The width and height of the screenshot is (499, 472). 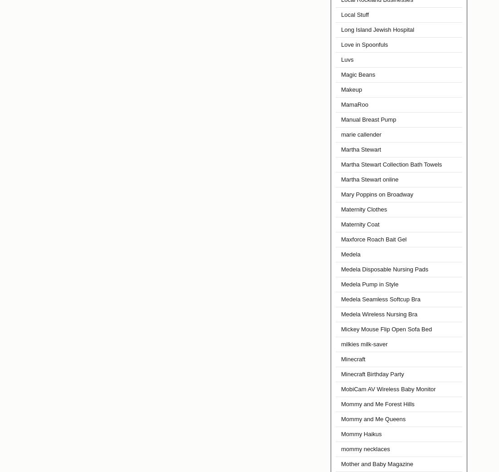 I want to click on 'Minecraft Birthday Party', so click(x=372, y=374).